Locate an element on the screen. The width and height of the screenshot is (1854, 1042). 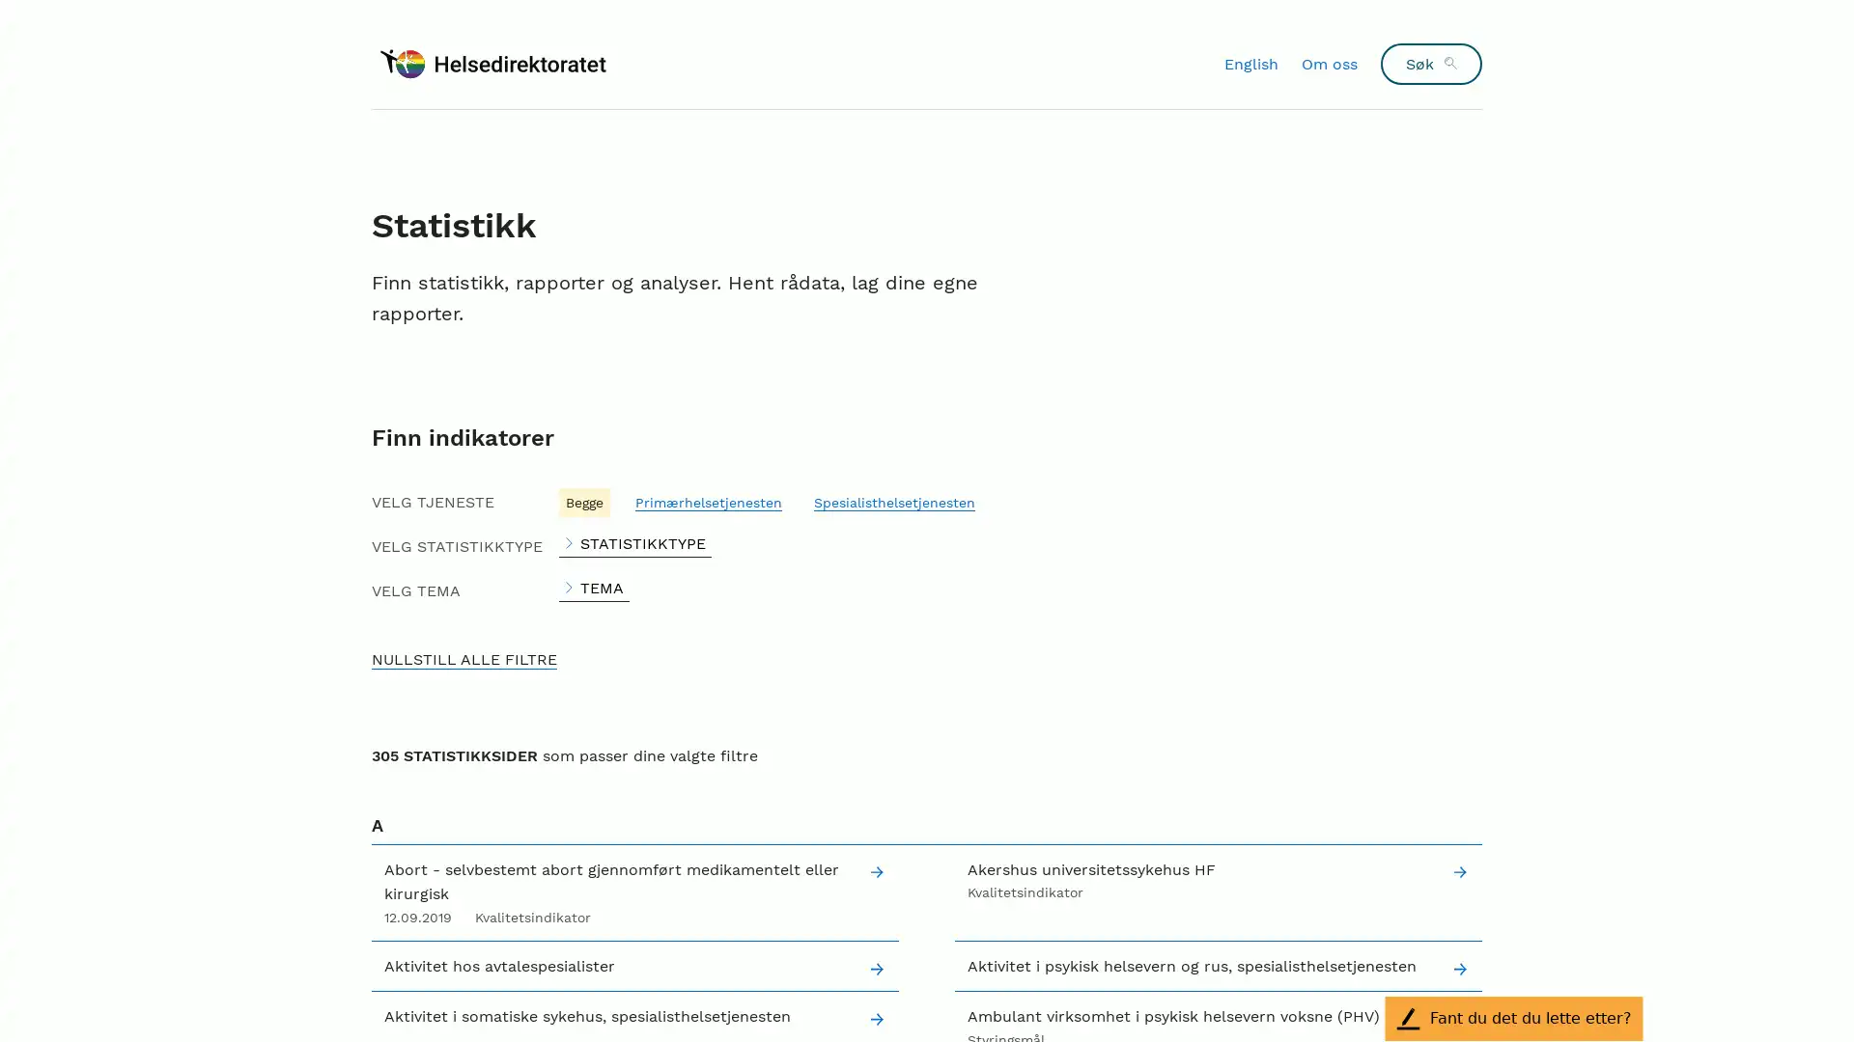
STATISTIKKTYPE is located at coordinates (634, 544).